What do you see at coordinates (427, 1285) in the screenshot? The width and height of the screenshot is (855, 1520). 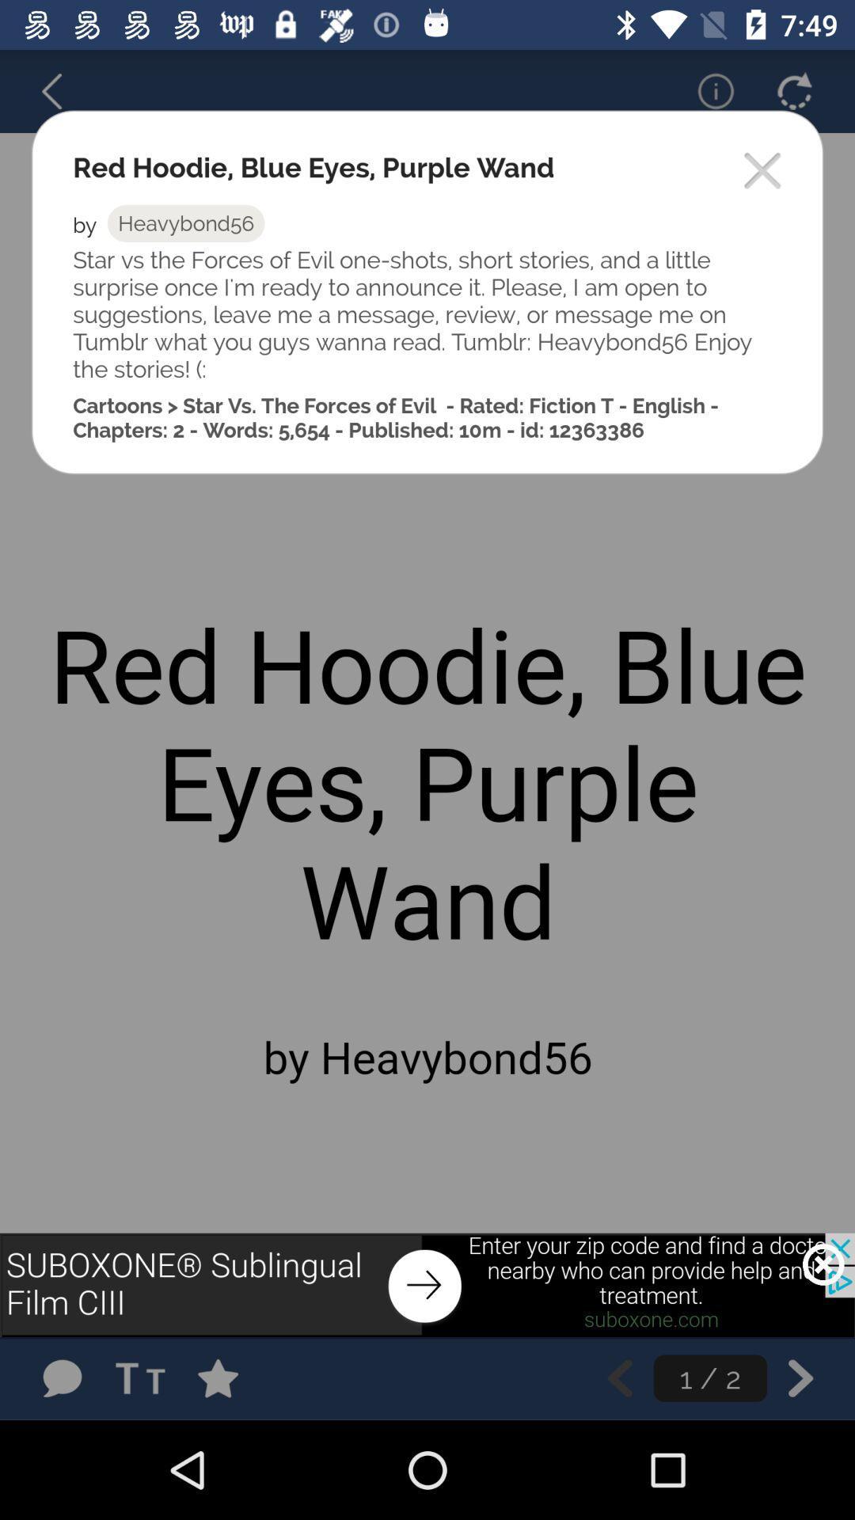 I see `pop-up advertisement banner` at bounding box center [427, 1285].